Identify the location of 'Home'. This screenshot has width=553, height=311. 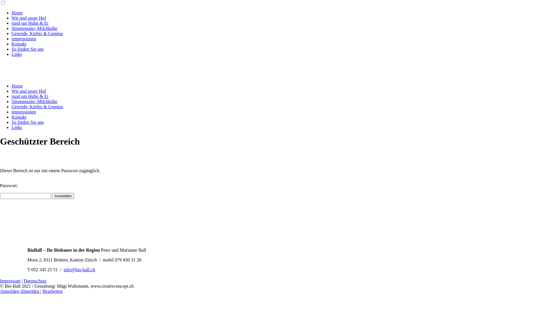
(11, 13).